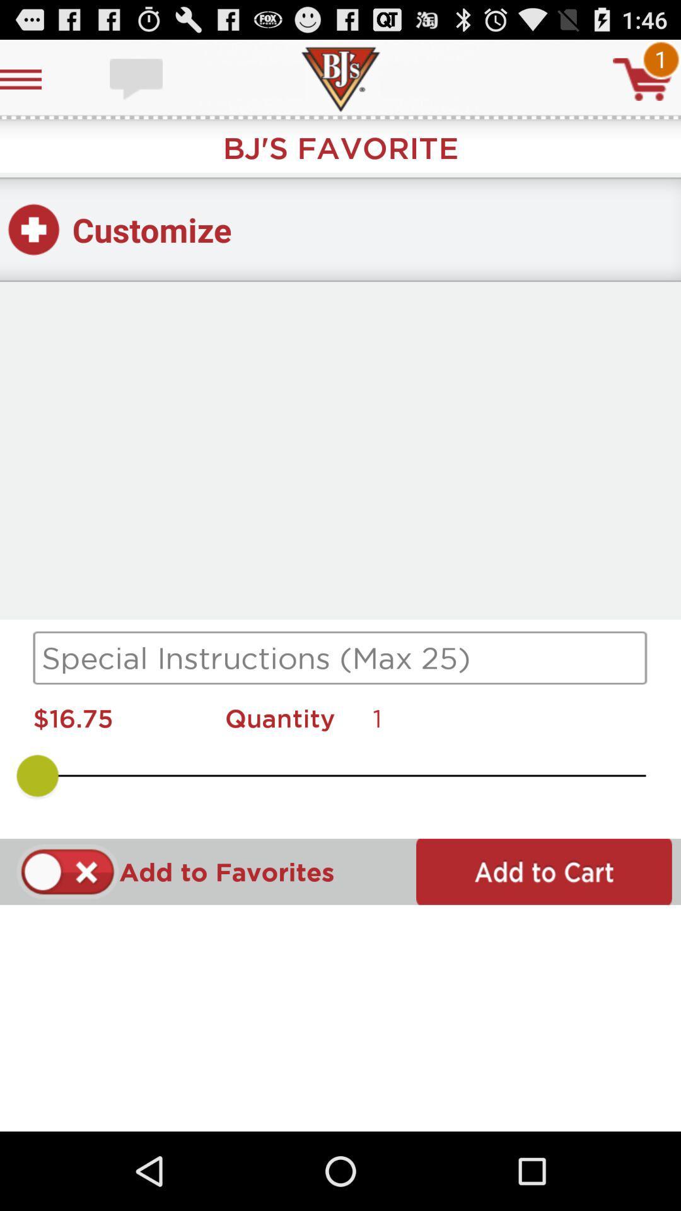 Image resolution: width=681 pixels, height=1211 pixels. Describe the element at coordinates (543, 871) in the screenshot. I see `item` at that location.